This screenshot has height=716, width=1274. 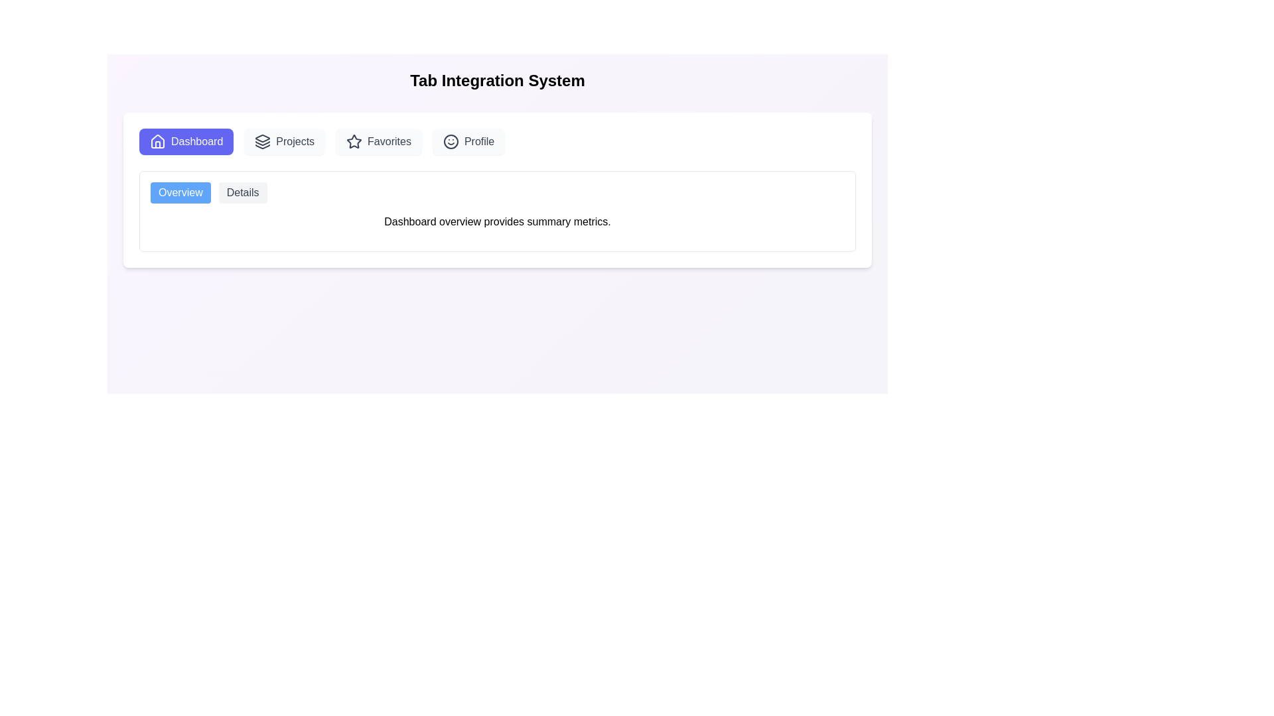 What do you see at coordinates (496, 141) in the screenshot?
I see `horizontal navigation bar with selectable tabs located directly underneath the main title 'Tab Integration System' by using developer tools` at bounding box center [496, 141].